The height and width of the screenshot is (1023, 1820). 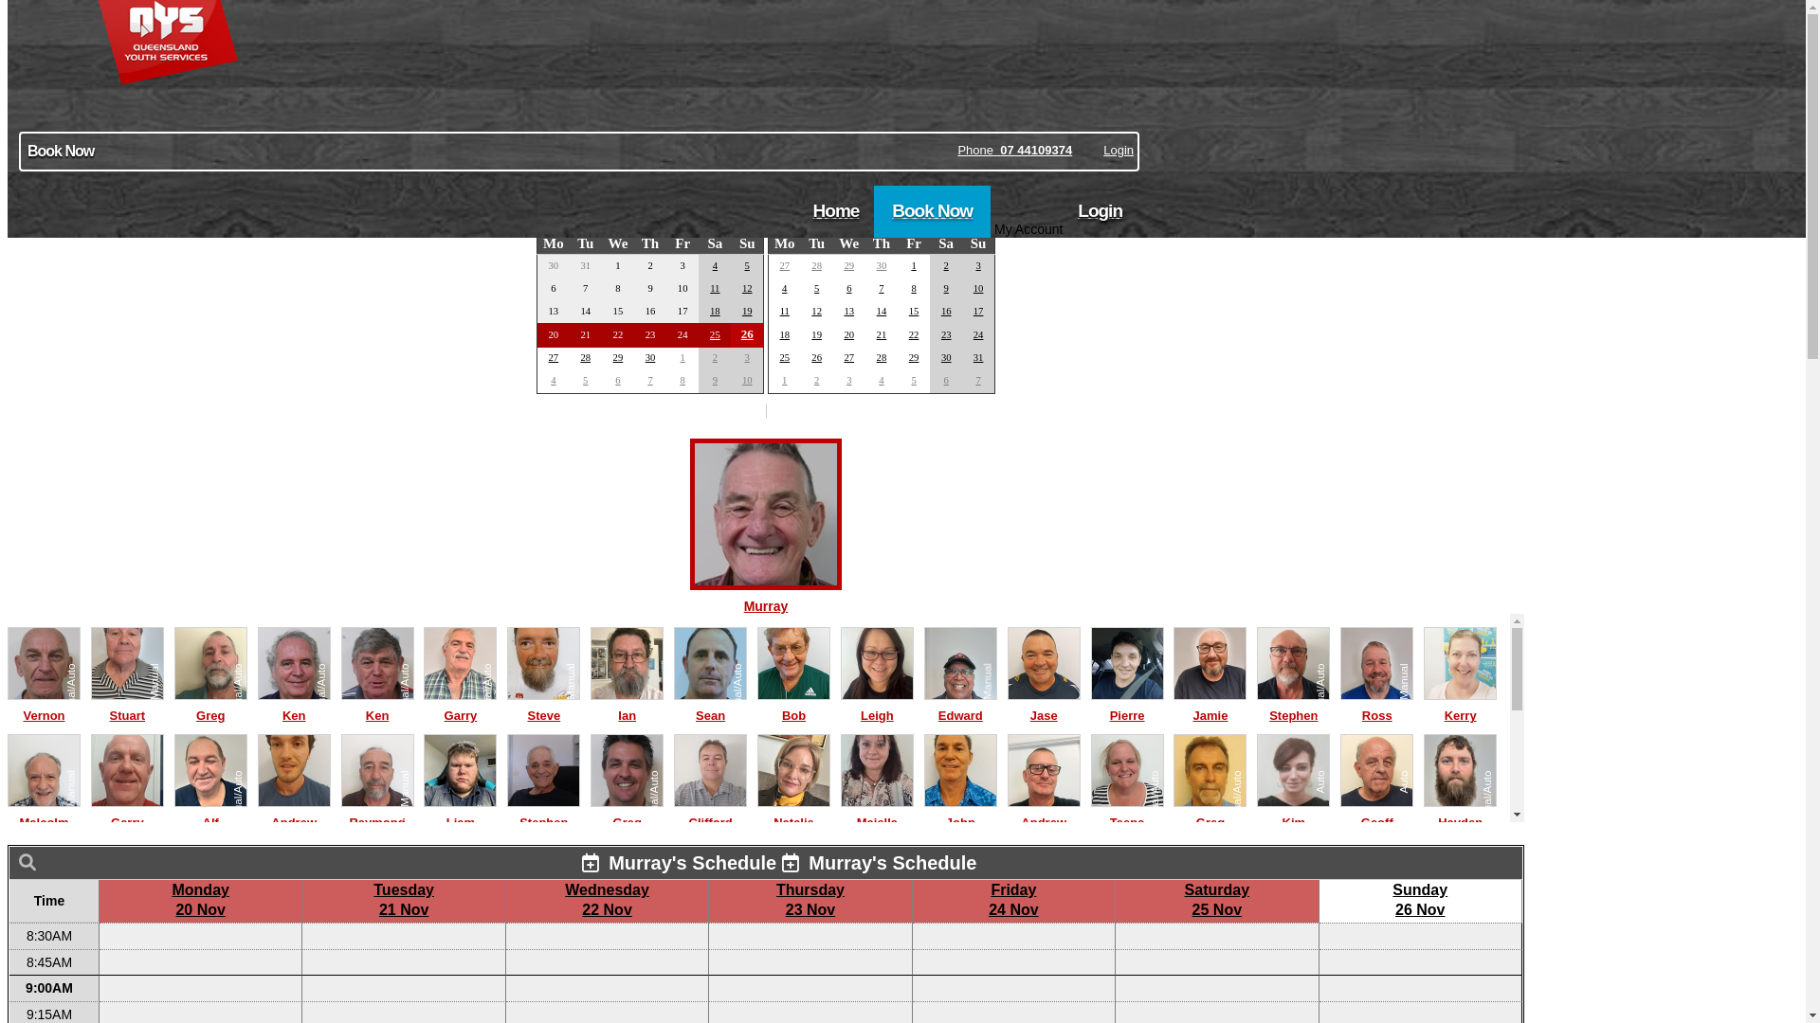 What do you see at coordinates (126, 919) in the screenshot?
I see `'Benjamin` at bounding box center [126, 919].